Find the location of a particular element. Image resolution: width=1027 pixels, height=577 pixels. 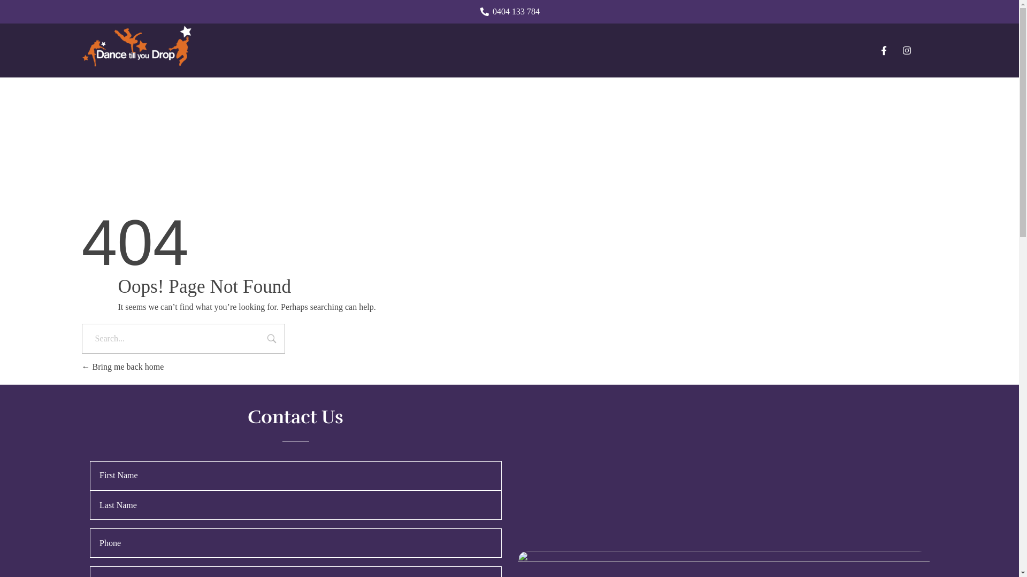

'Dance Till You Drop' is located at coordinates (135, 49).